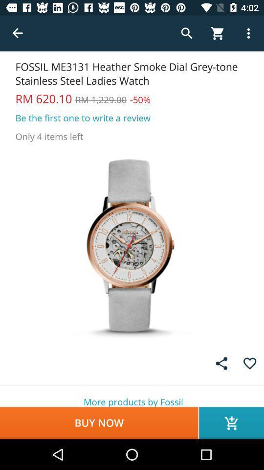  What do you see at coordinates (231, 423) in the screenshot?
I see `icon to the right of buy now` at bounding box center [231, 423].